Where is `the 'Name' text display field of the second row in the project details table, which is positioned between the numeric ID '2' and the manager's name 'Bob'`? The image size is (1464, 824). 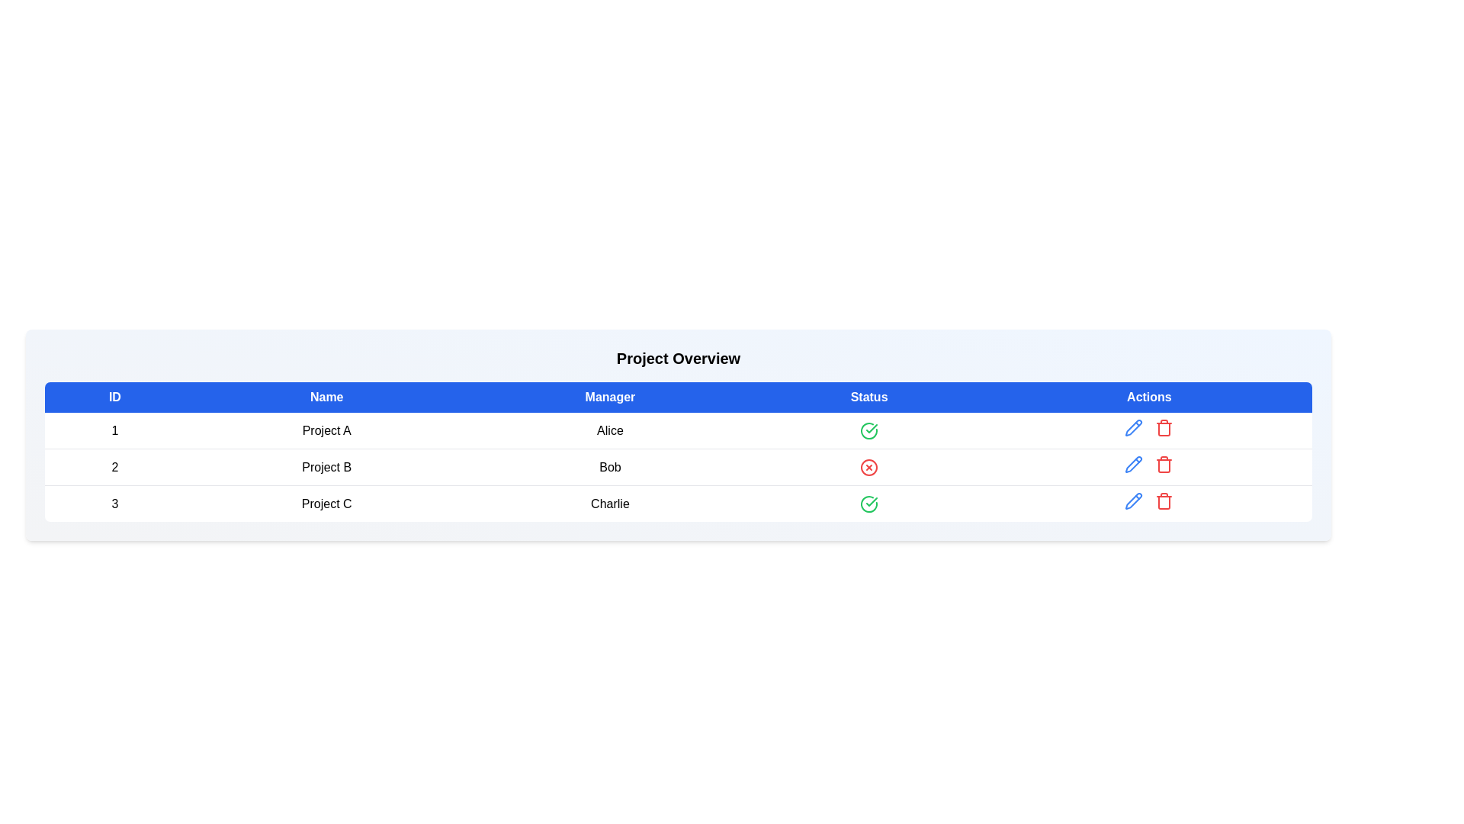 the 'Name' text display field of the second row in the project details table, which is positioned between the numeric ID '2' and the manager's name 'Bob' is located at coordinates (326, 466).